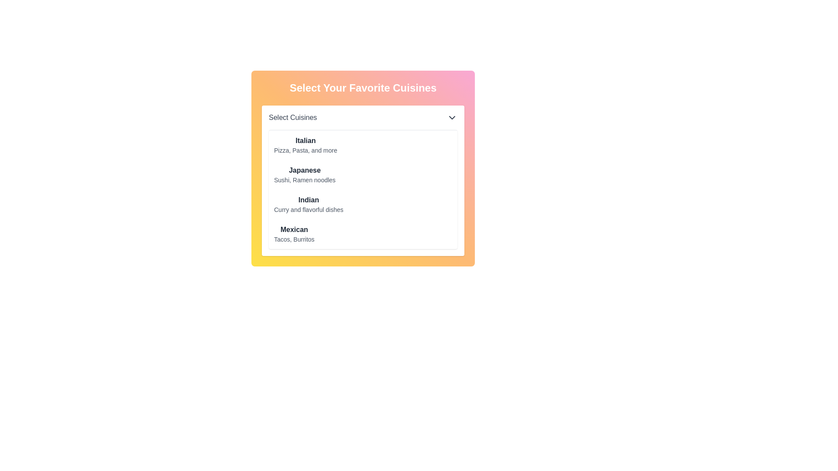  Describe the element at coordinates (306, 144) in the screenshot. I see `the Interactive list item that displays 'Italian' in bold text and 'Pizza, Pasta, and more.' in lighter text` at that location.